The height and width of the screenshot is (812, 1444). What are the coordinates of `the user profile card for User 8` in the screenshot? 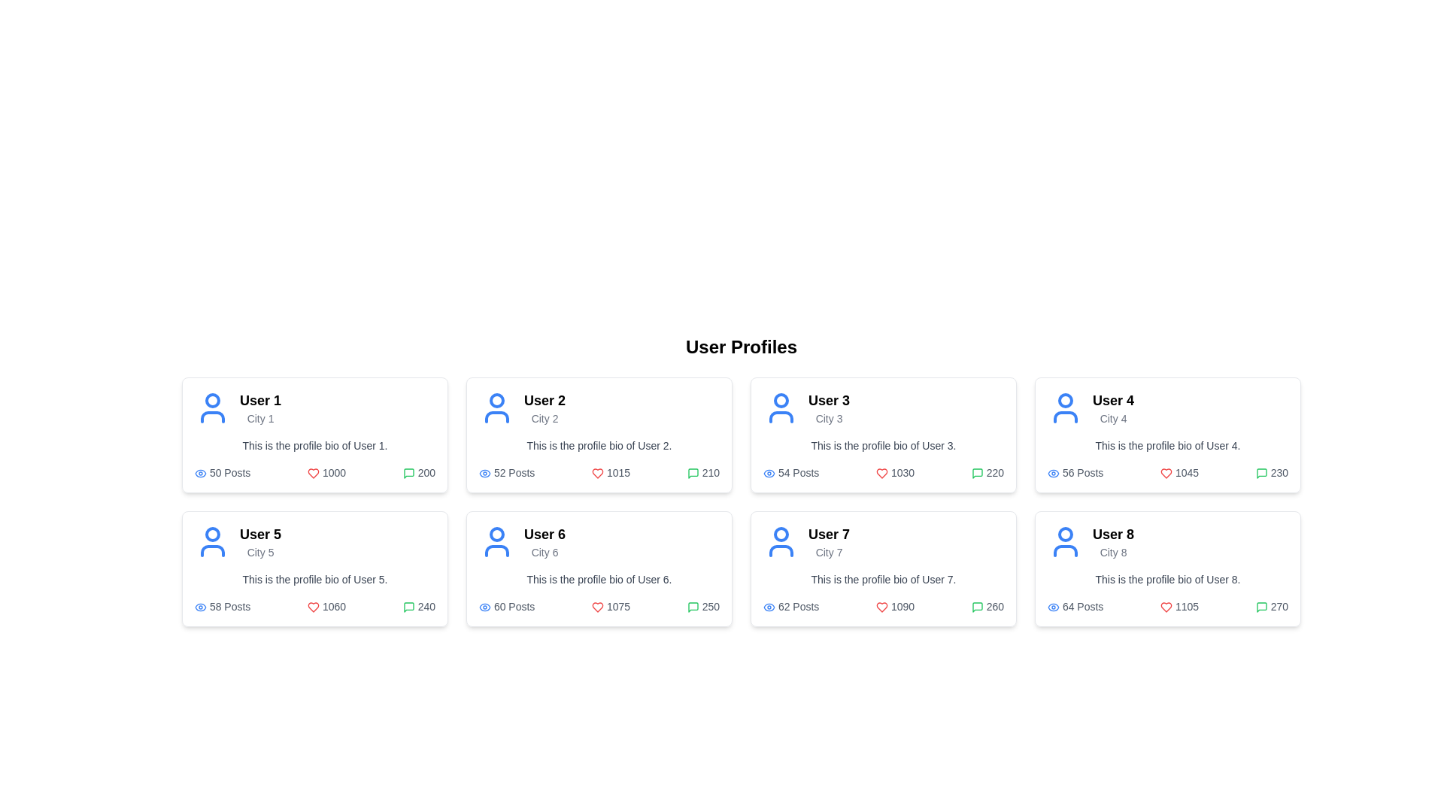 It's located at (1167, 568).